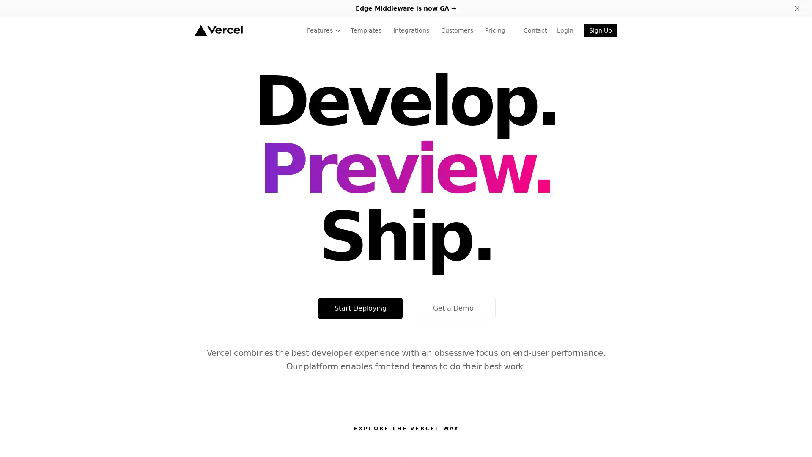 This screenshot has height=457, width=812. I want to click on Hide banner, so click(797, 8).